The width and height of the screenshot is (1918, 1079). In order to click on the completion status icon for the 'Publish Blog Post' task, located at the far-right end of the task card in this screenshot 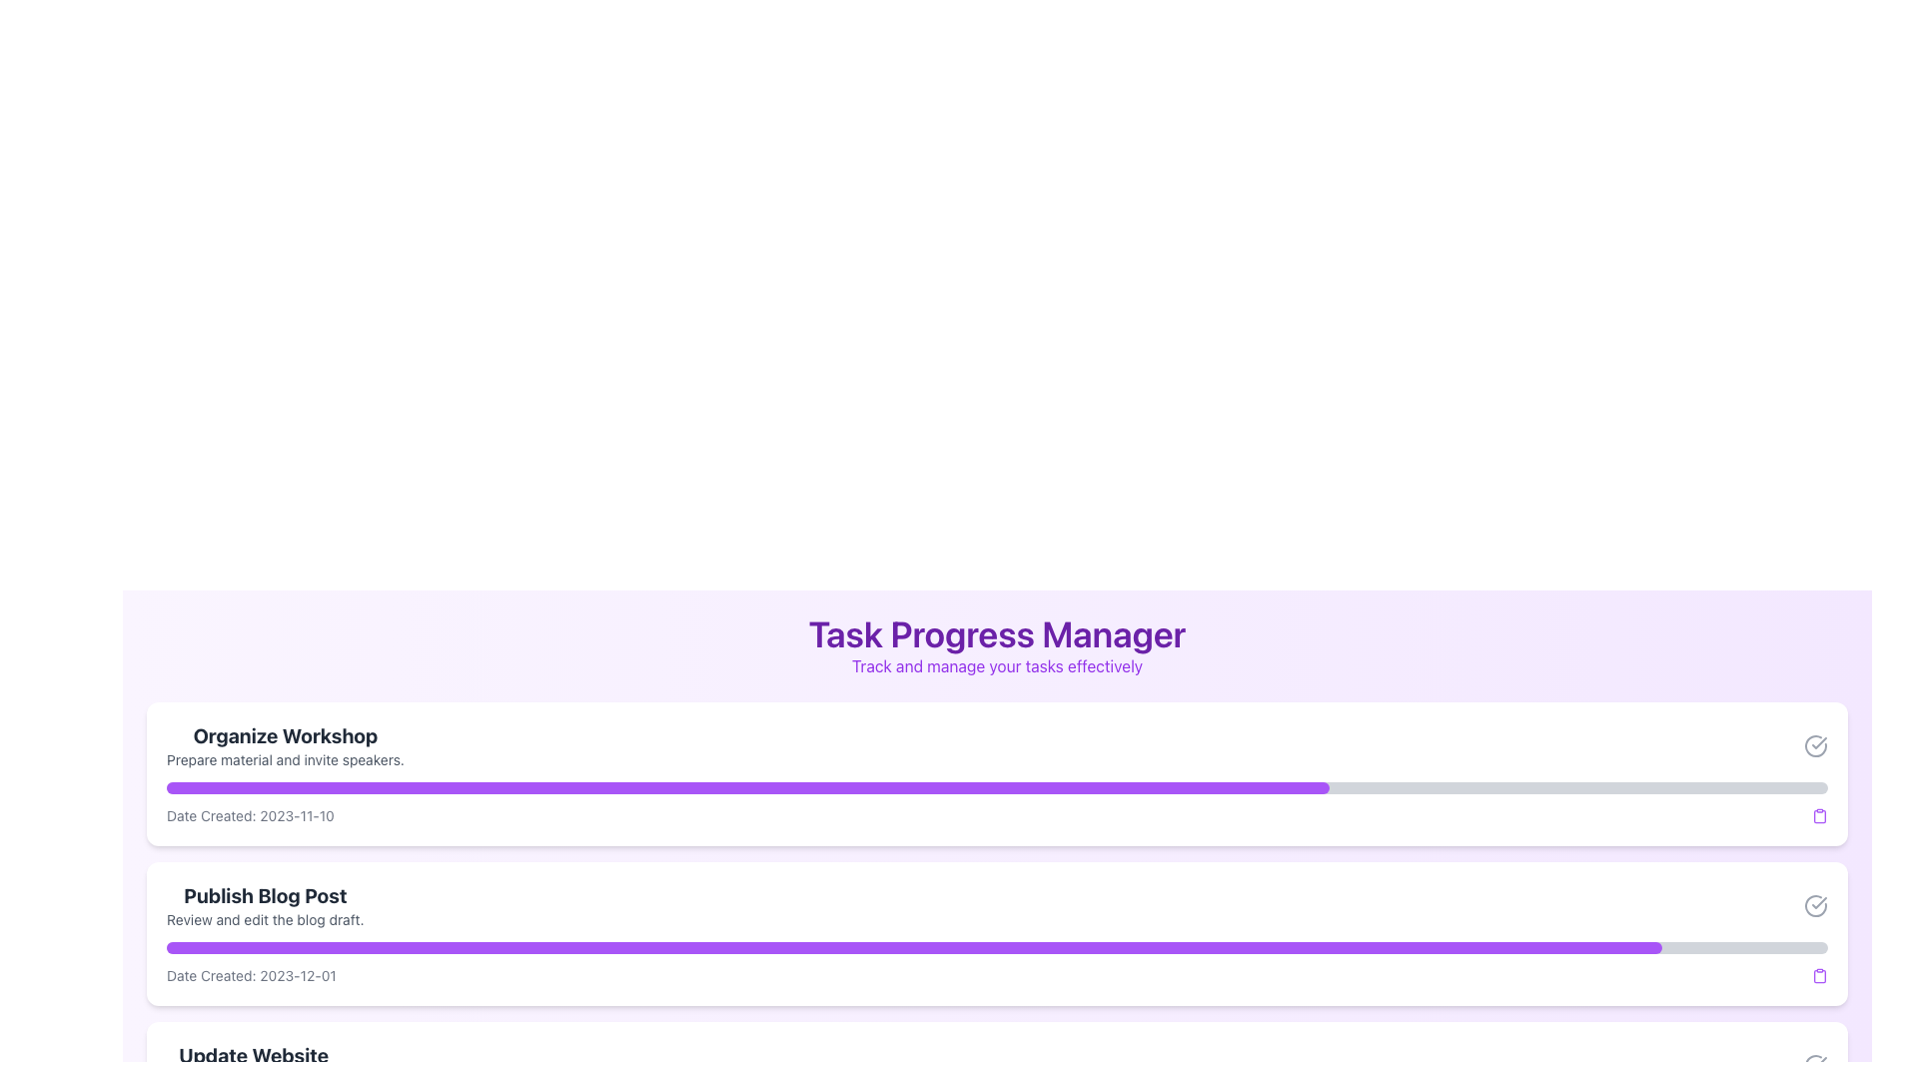, I will do `click(1816, 905)`.